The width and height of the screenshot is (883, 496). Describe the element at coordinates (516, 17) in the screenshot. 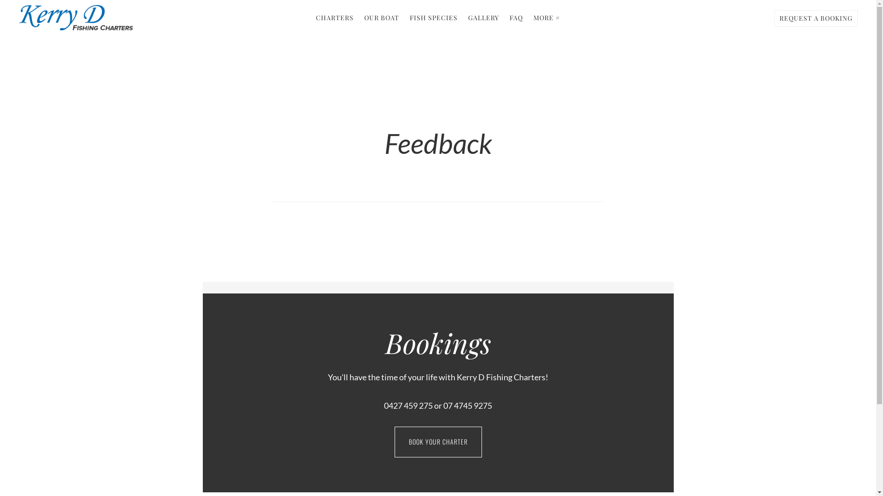

I see `'FAQ'` at that location.